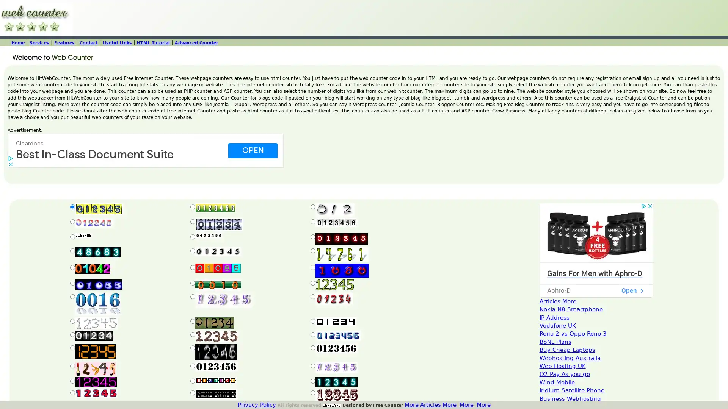 The image size is (728, 409). Describe the element at coordinates (336, 394) in the screenshot. I see `Submit` at that location.